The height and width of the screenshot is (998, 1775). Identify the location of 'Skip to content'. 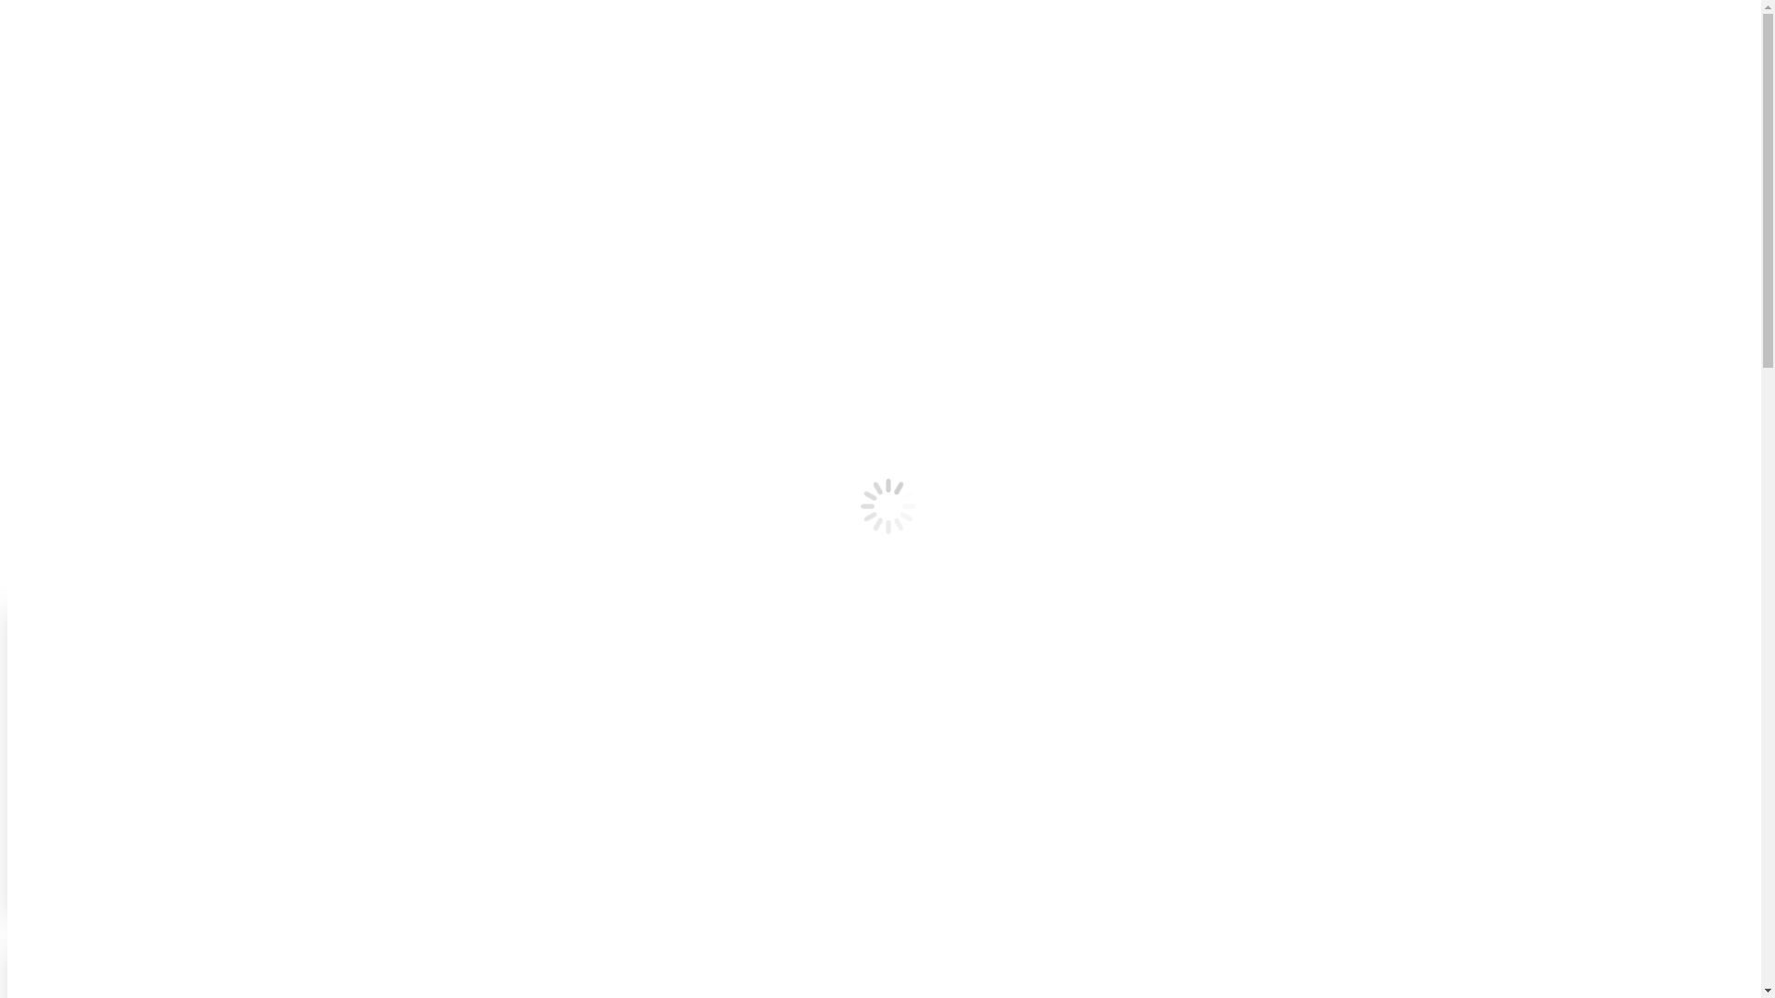
(6, 6).